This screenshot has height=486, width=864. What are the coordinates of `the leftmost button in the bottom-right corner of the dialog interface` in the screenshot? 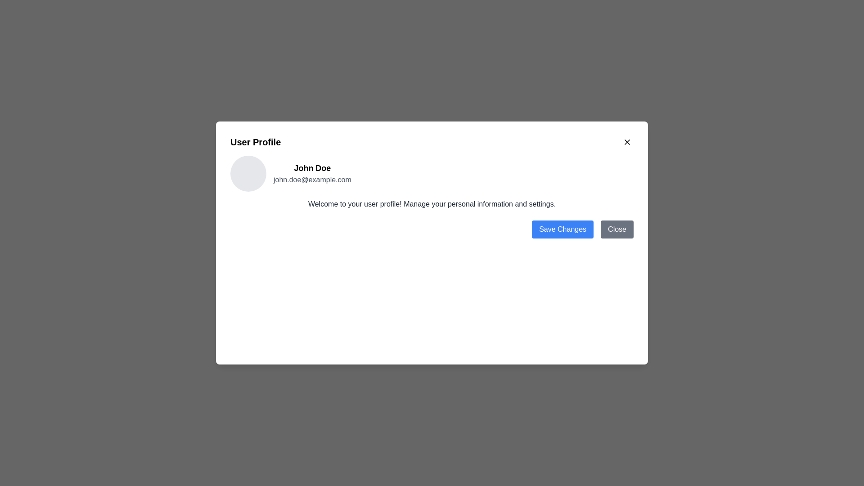 It's located at (562, 229).